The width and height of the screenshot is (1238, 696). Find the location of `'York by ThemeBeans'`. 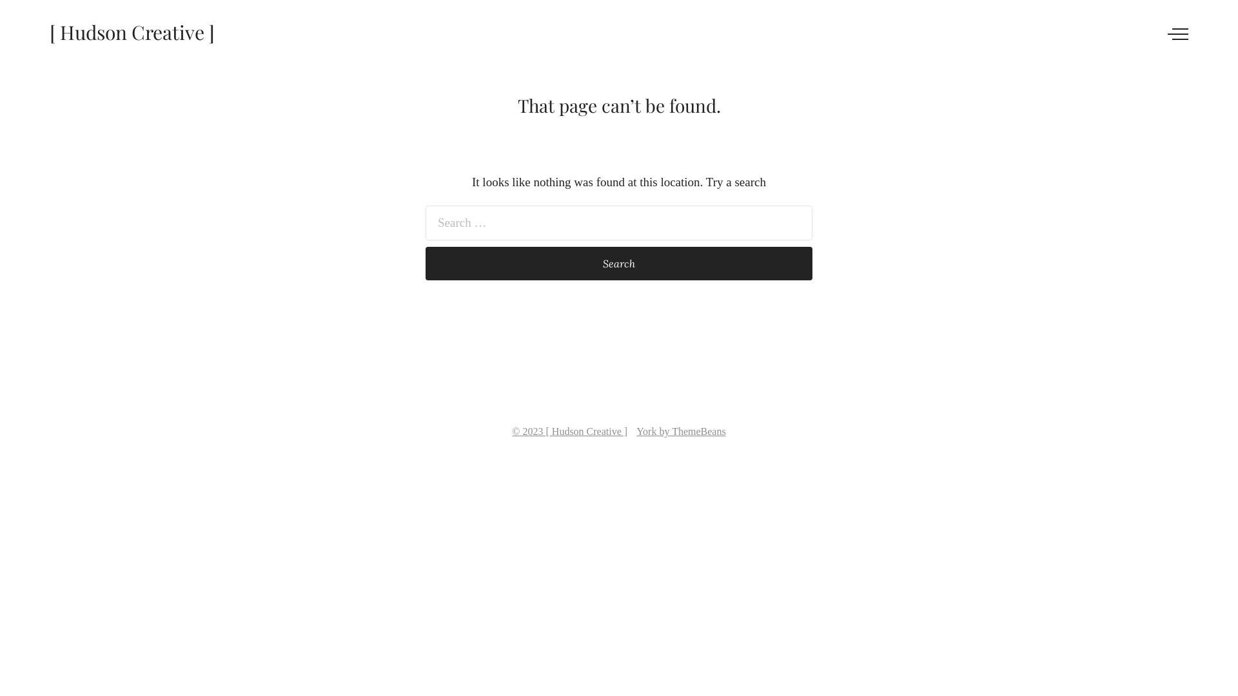

'York by ThemeBeans' is located at coordinates (680, 431).